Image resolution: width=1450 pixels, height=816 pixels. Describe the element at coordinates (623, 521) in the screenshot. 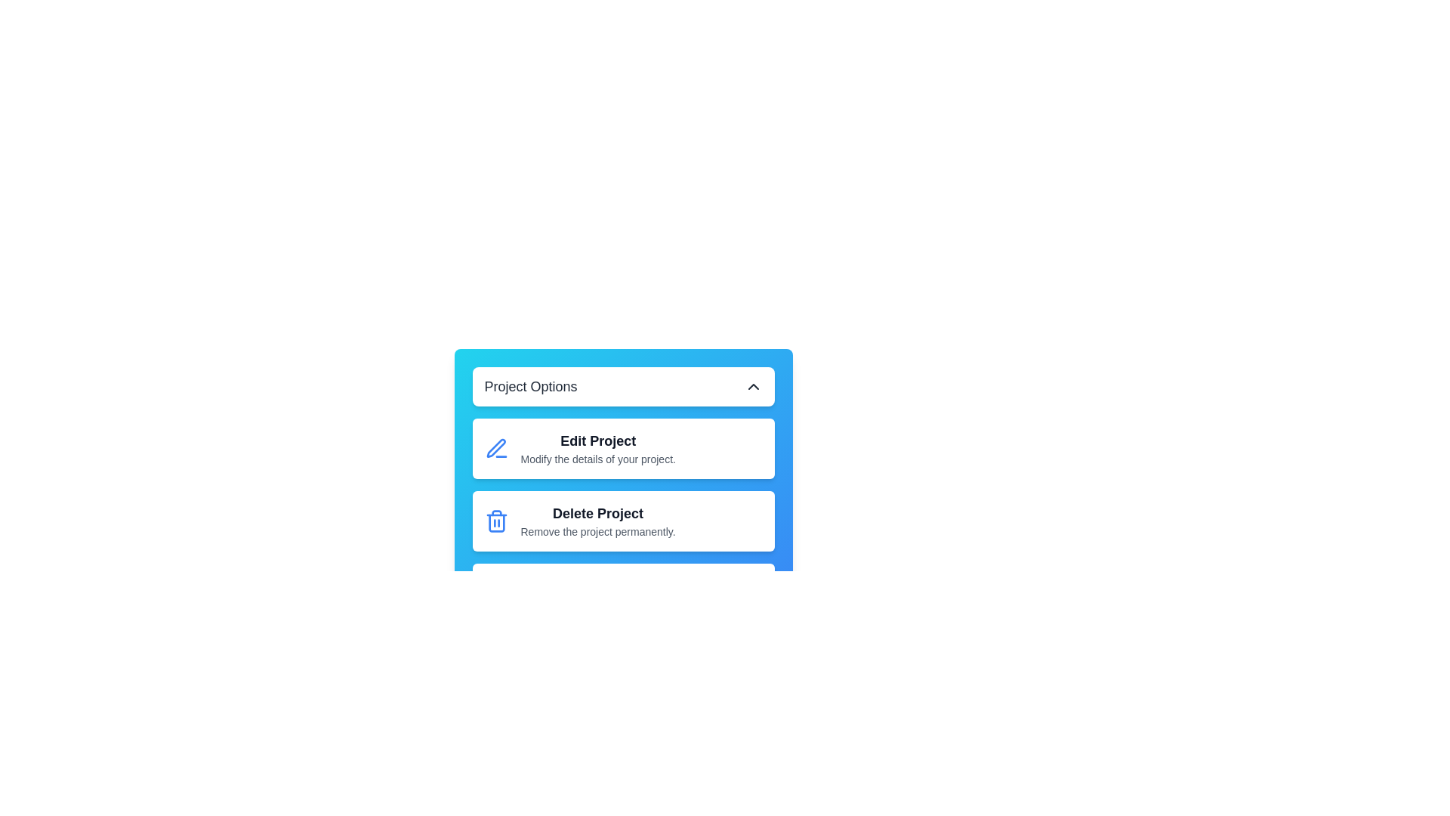

I see `the menu item Delete Project to observe the visual effect` at that location.